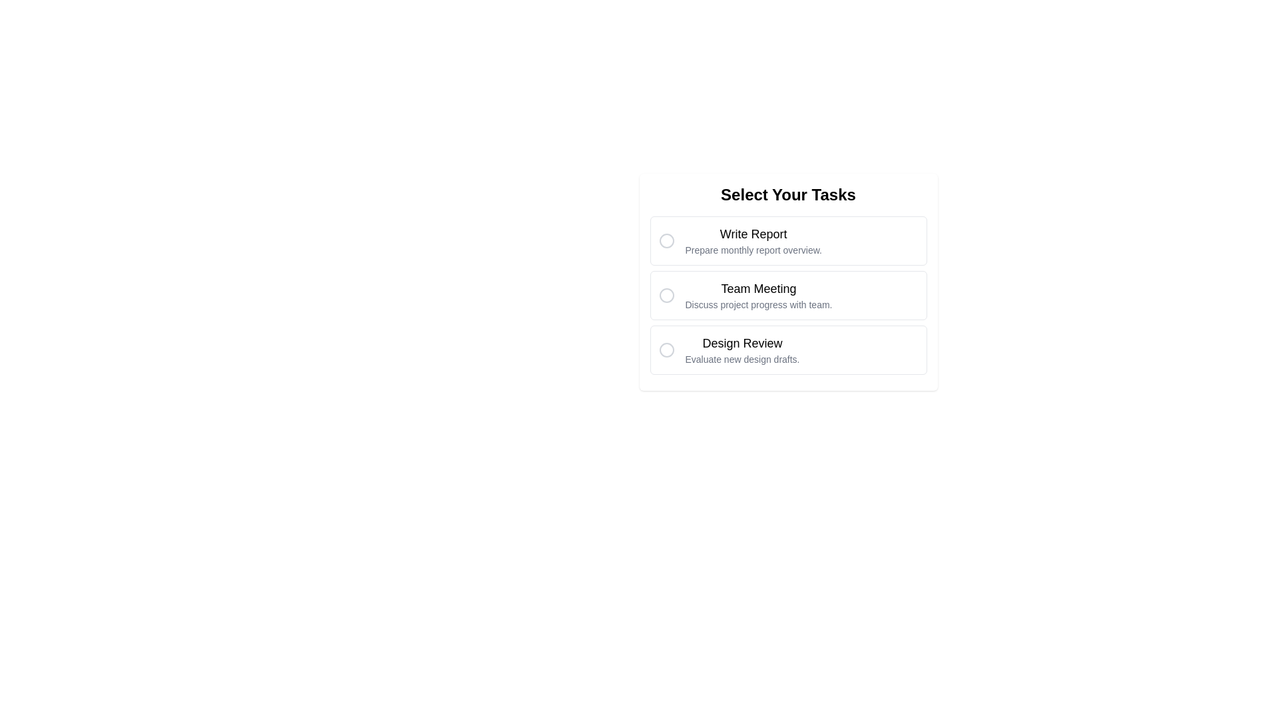 The width and height of the screenshot is (1278, 719). Describe the element at coordinates (753, 233) in the screenshot. I see `the Text Label that serves as the title for the task selection option located at the top of the selection card in the 'Select Your Tasks' section` at that location.